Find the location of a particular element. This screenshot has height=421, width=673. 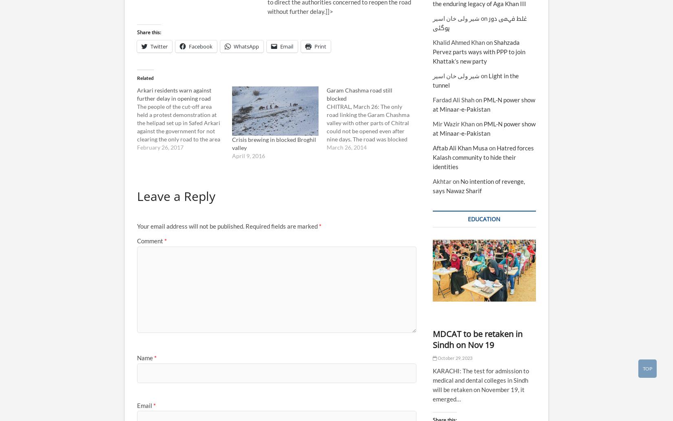

'No intention of revenge, says Nawaz Sharif' is located at coordinates (478, 185).